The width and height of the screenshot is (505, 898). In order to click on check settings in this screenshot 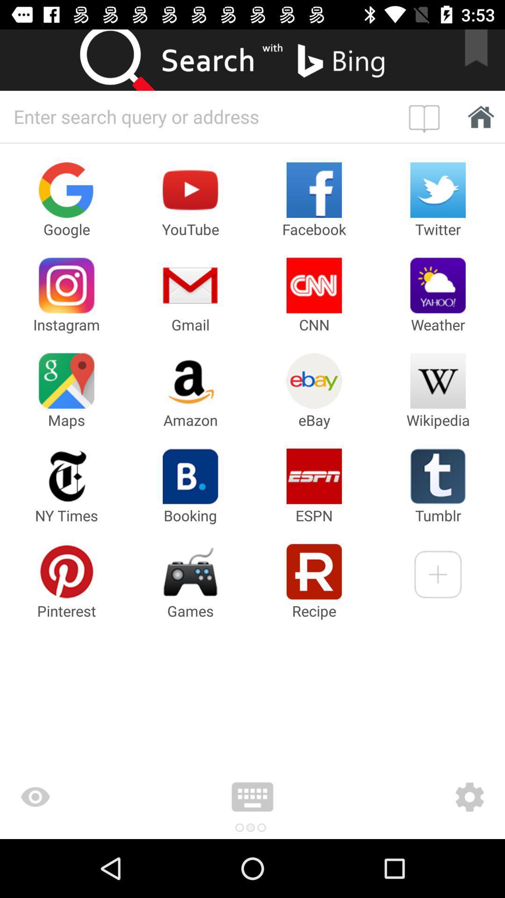, I will do `click(414, 797)`.